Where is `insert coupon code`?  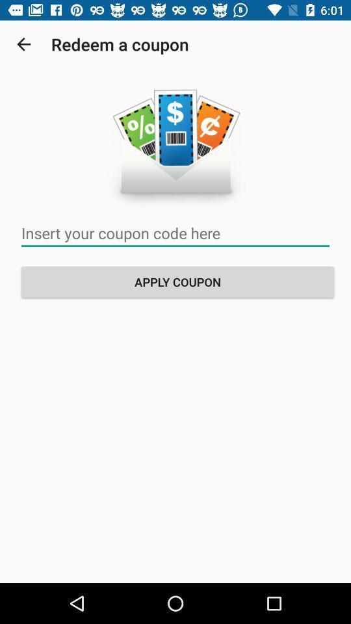
insert coupon code is located at coordinates (175, 233).